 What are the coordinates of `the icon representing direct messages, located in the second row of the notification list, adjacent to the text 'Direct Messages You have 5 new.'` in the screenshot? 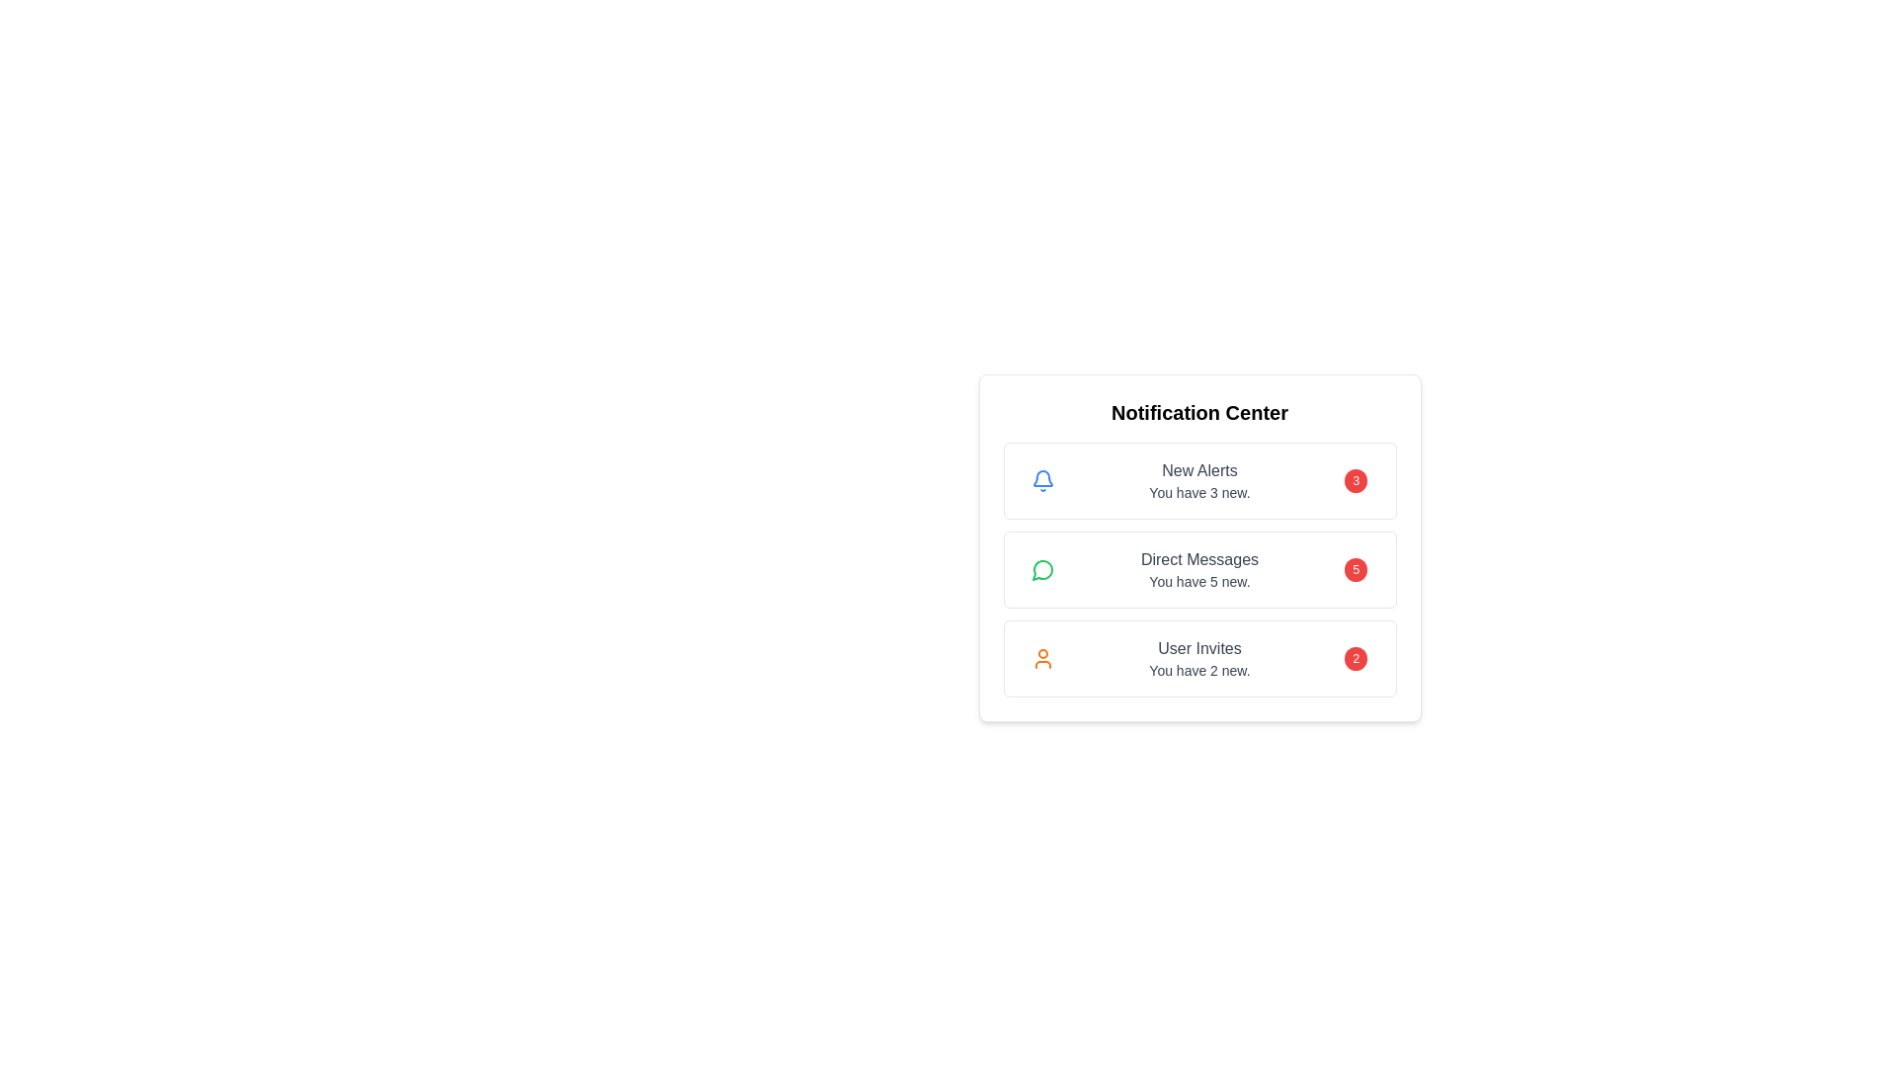 It's located at (1042, 570).